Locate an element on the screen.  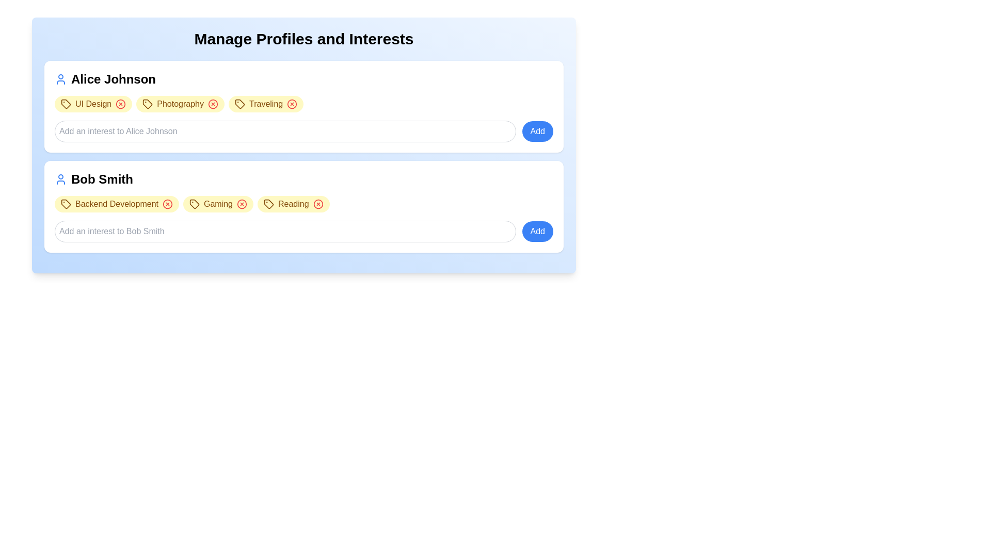
the tag icon associated with Alice Johnson's interests, located before the text 'UI Design' is located at coordinates (239, 104).